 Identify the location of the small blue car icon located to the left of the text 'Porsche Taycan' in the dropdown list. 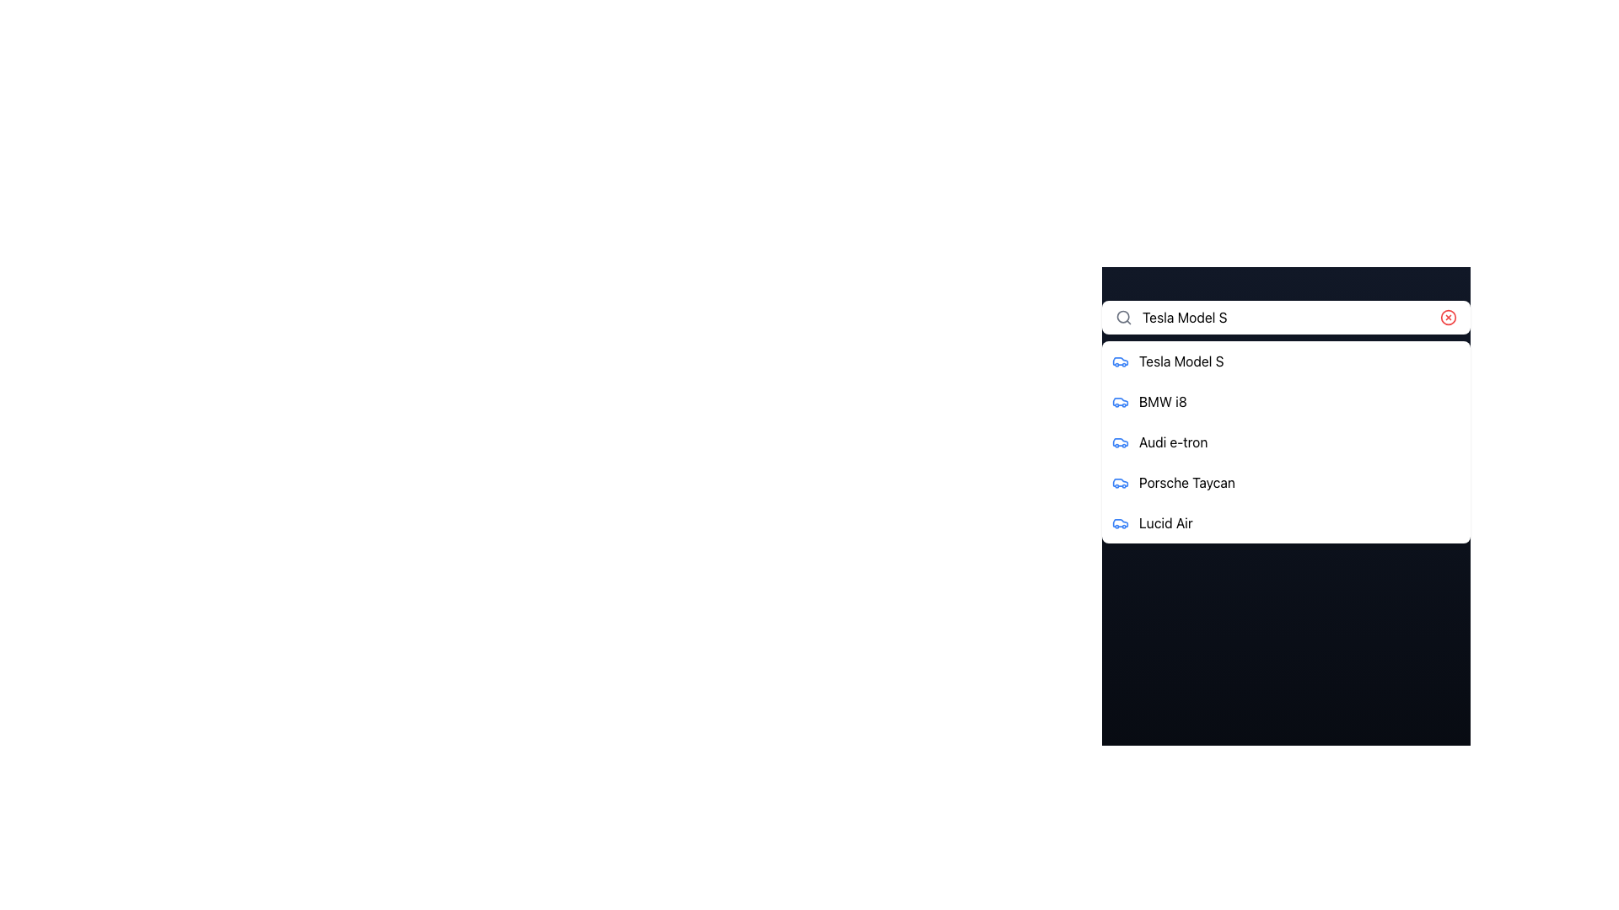
(1121, 483).